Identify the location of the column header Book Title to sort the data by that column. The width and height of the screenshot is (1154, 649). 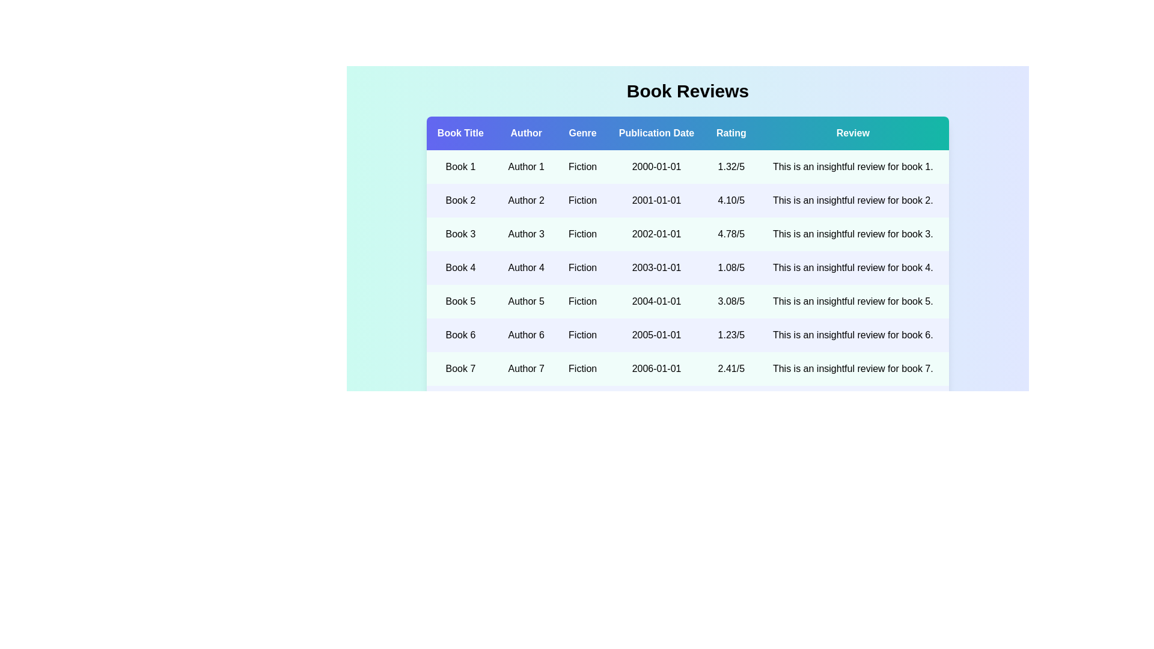
(460, 133).